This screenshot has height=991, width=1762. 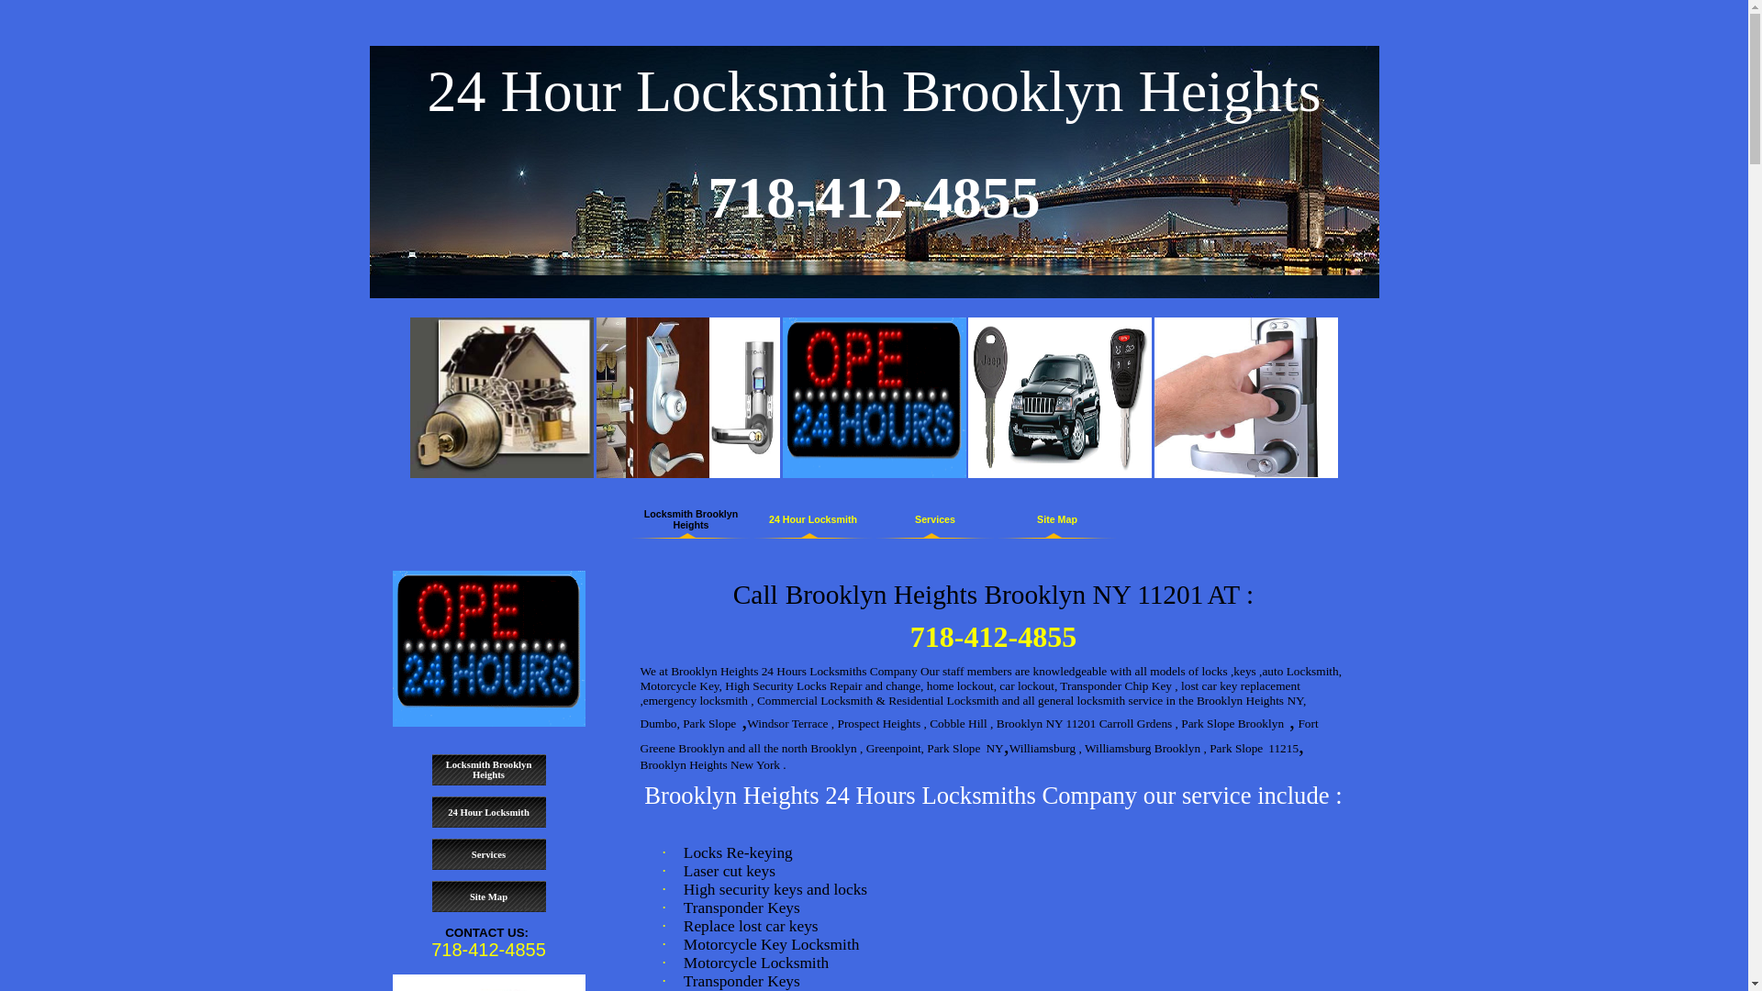 What do you see at coordinates (1057, 519) in the screenshot?
I see `'Site Map'` at bounding box center [1057, 519].